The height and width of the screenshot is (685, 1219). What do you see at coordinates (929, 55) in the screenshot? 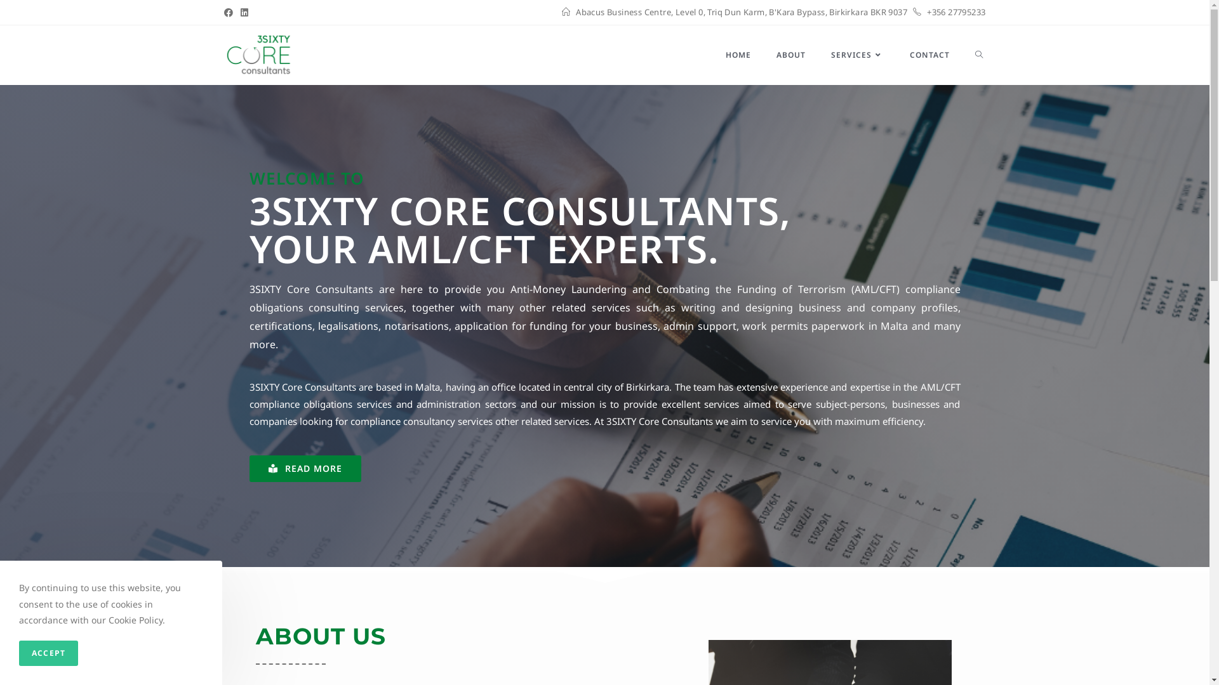
I see `'CONTACT'` at bounding box center [929, 55].